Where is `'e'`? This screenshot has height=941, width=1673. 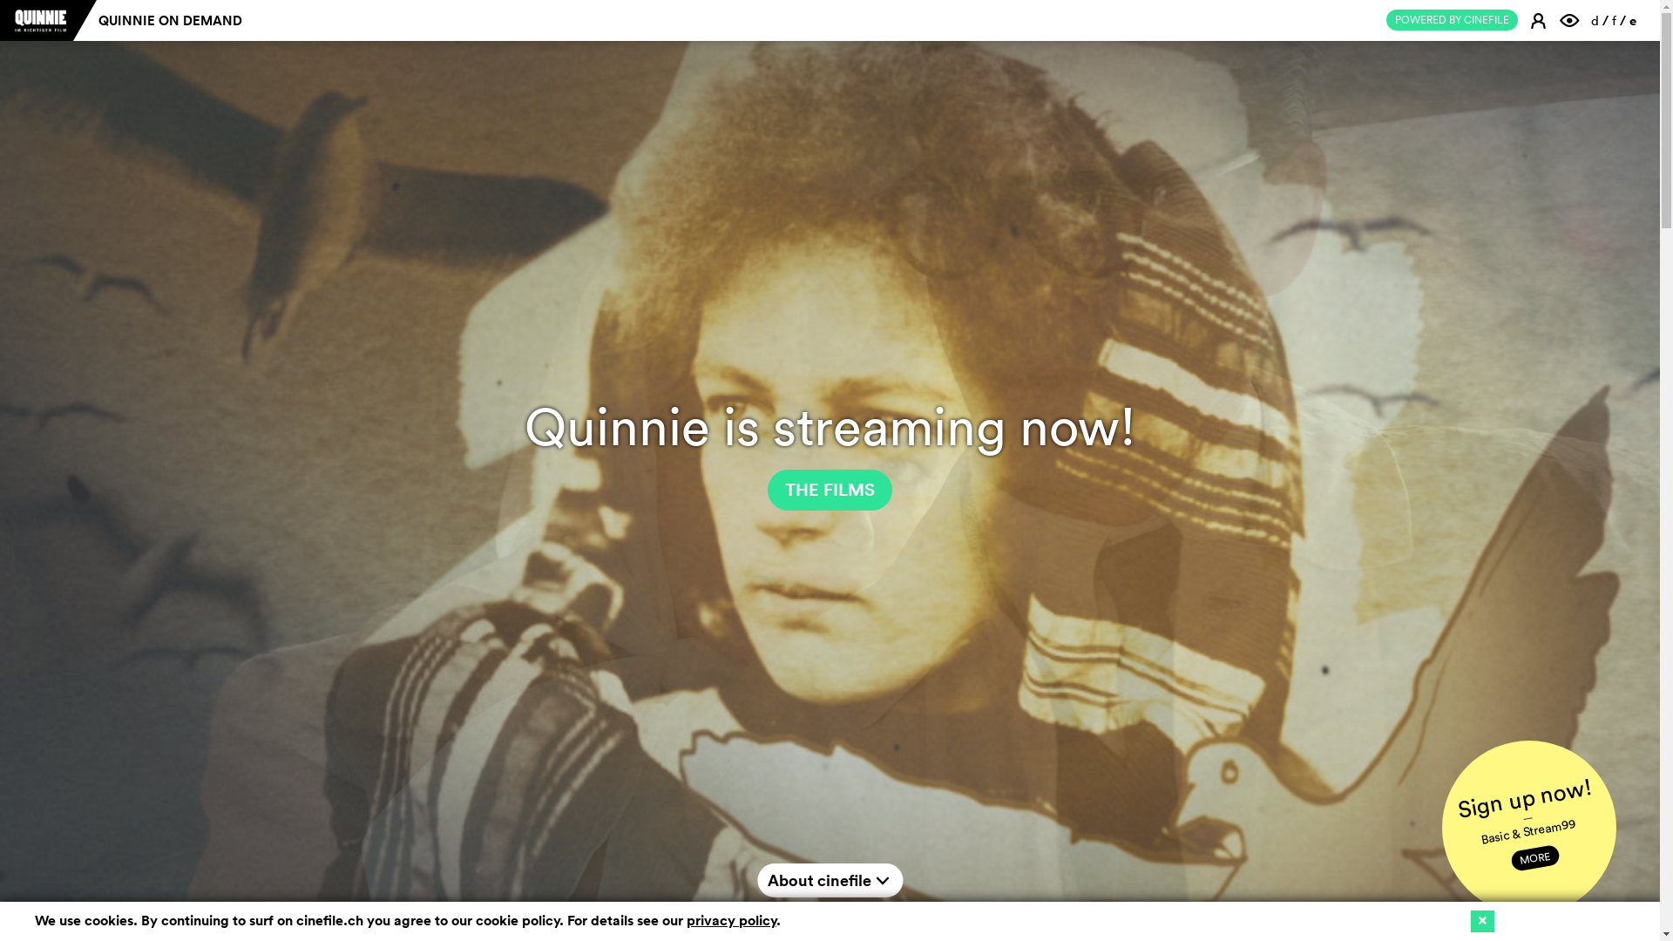
'e' is located at coordinates (1631, 20).